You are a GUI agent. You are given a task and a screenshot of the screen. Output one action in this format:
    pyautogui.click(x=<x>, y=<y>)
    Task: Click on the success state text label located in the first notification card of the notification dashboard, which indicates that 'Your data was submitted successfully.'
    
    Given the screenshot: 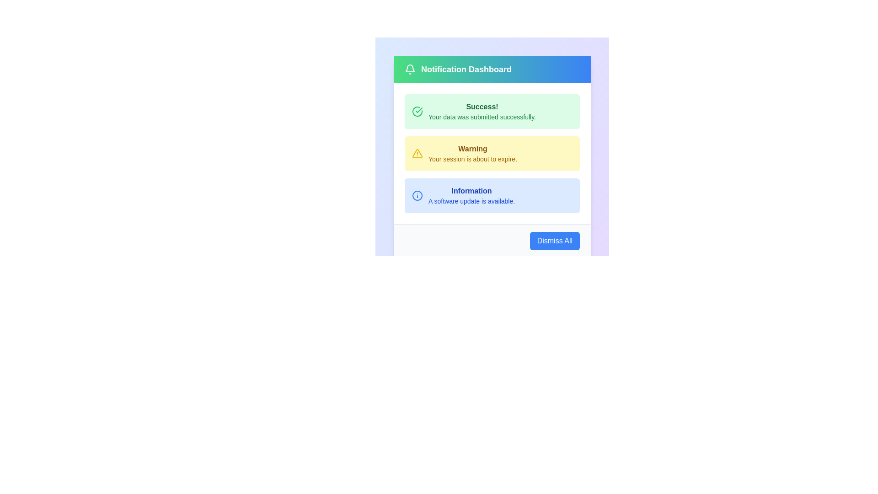 What is the action you would take?
    pyautogui.click(x=482, y=107)
    